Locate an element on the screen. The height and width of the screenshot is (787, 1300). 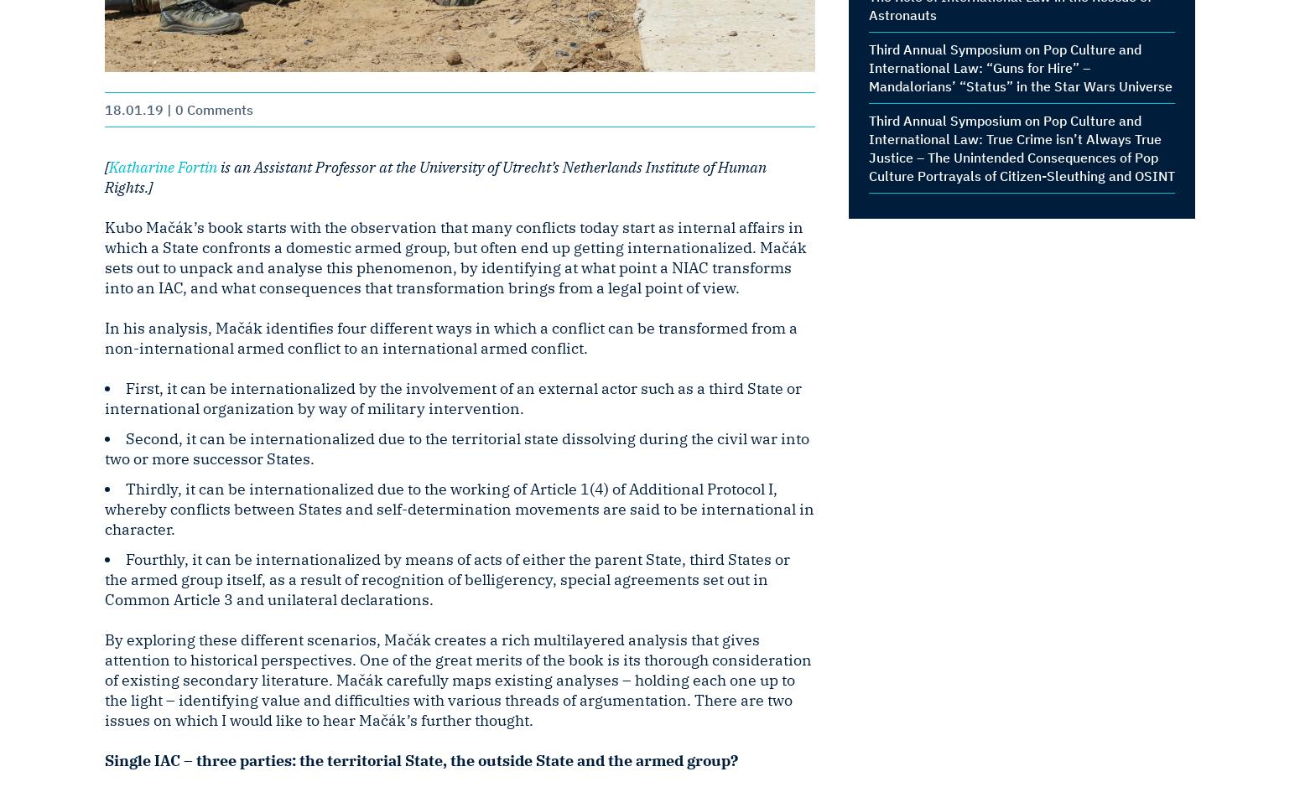
'Thirdly, it can be internationalized due to the working of Article 1(4) of Additional Protocol I, whereby conflicts between States and self-determination movements are said to be international in character.' is located at coordinates (459, 509).